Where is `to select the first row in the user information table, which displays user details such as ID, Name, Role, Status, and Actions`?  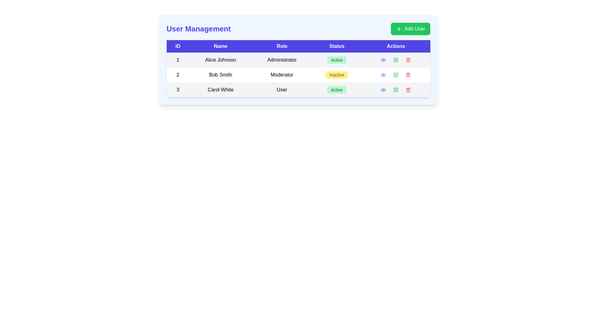
to select the first row in the user information table, which displays user details such as ID, Name, Role, Status, and Actions is located at coordinates (298, 60).